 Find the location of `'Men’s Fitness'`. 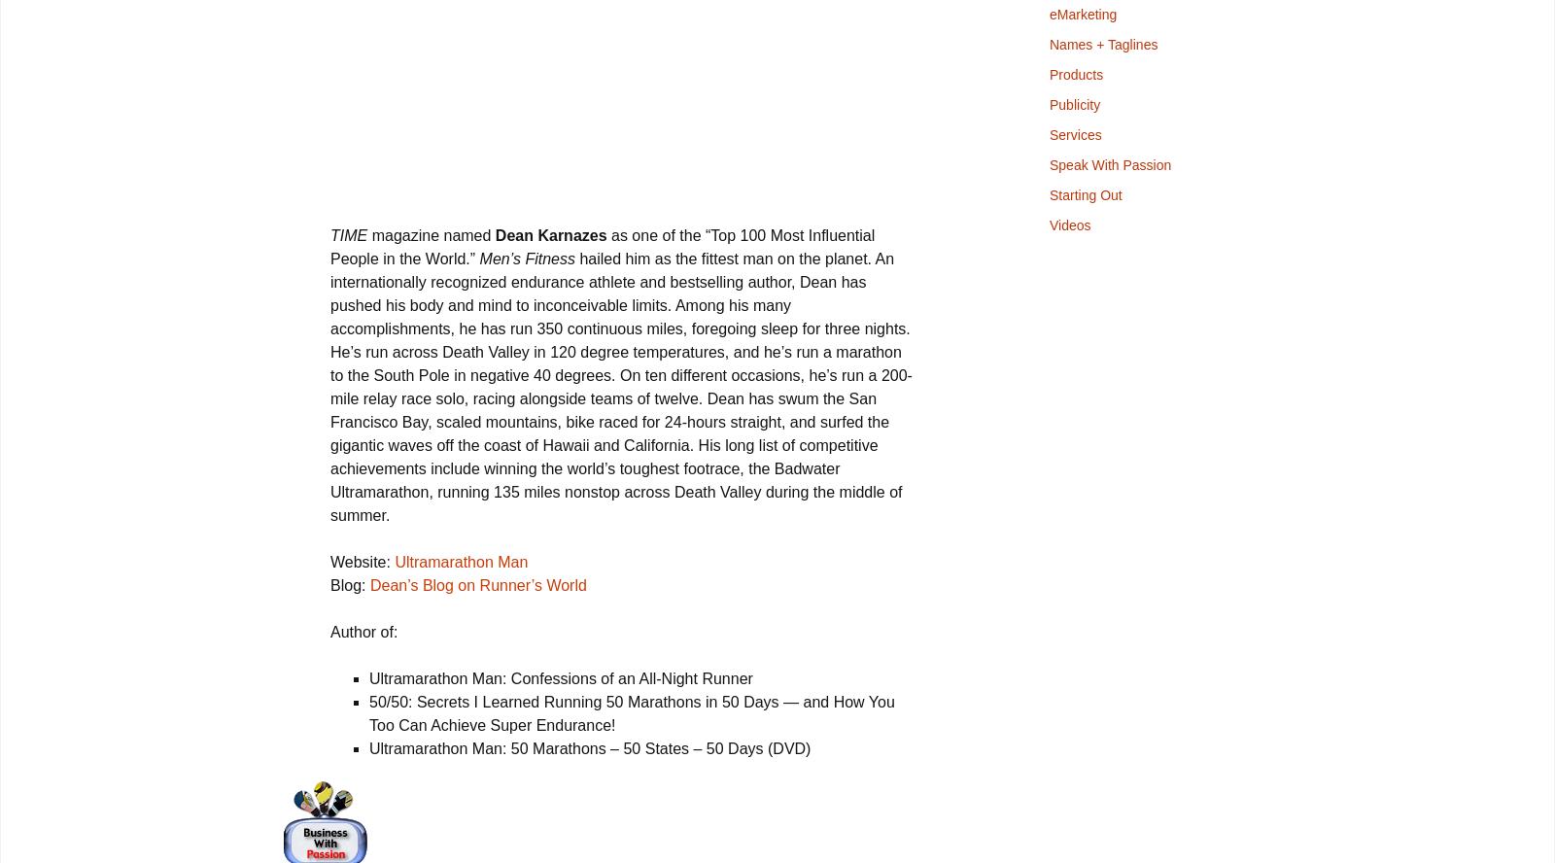

'Men’s Fitness' is located at coordinates (525, 259).